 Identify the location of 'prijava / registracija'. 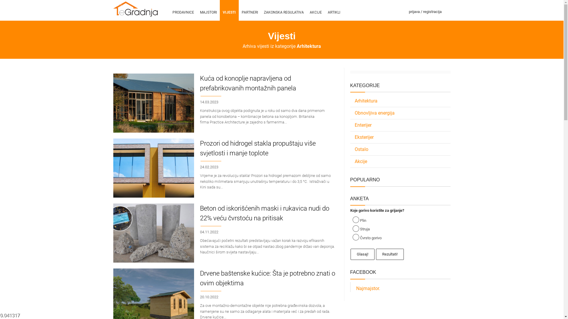
(425, 10).